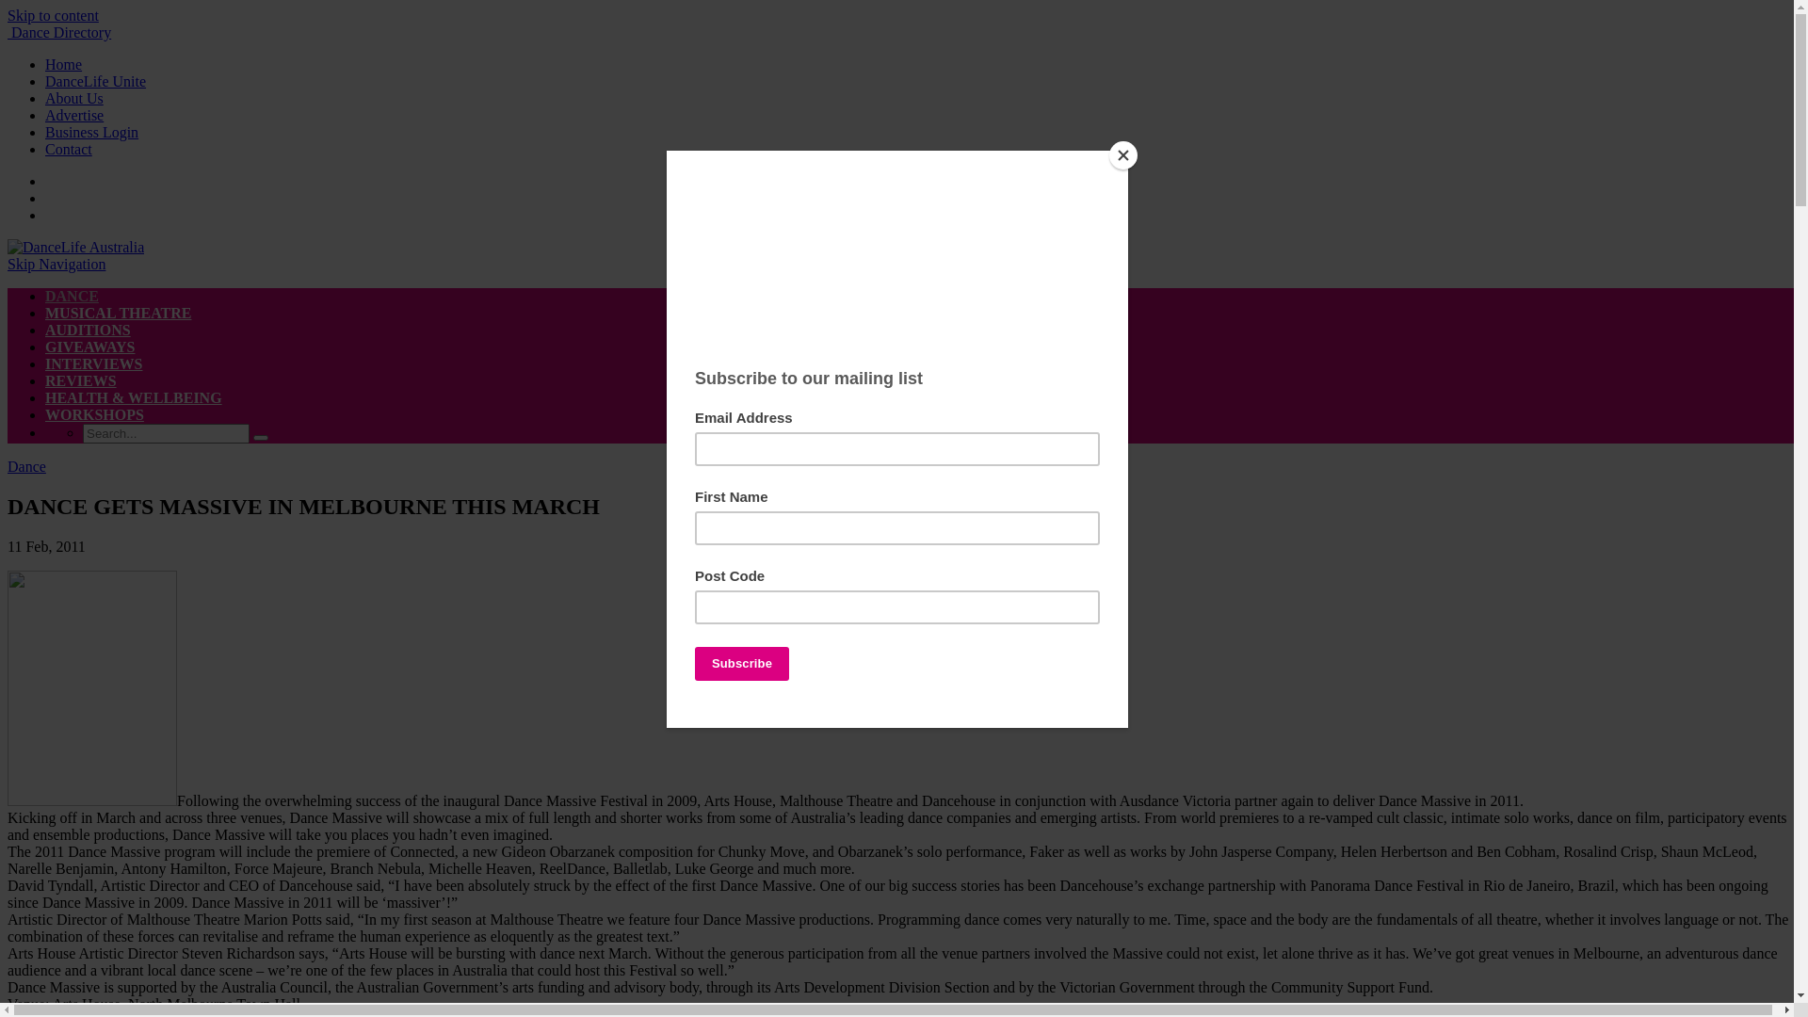  I want to click on 'Business Login', so click(90, 131).